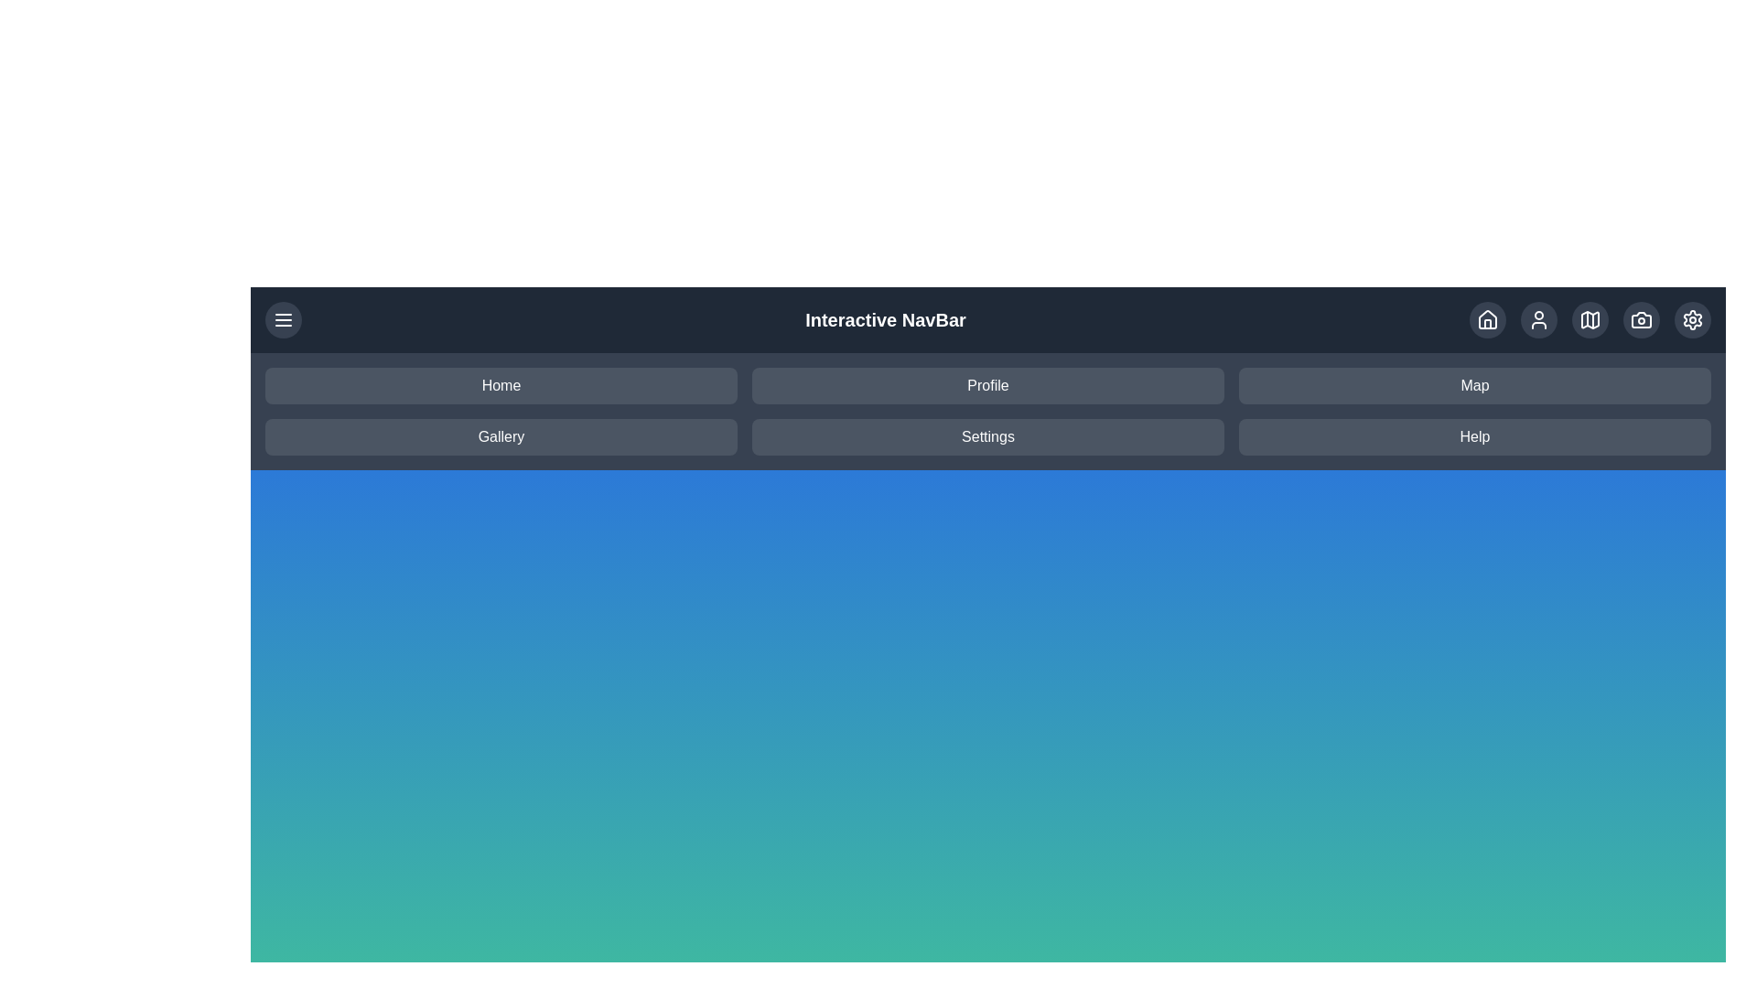 The image size is (1757, 988). Describe the element at coordinates (987, 437) in the screenshot. I see `the menu item labeled Settings` at that location.